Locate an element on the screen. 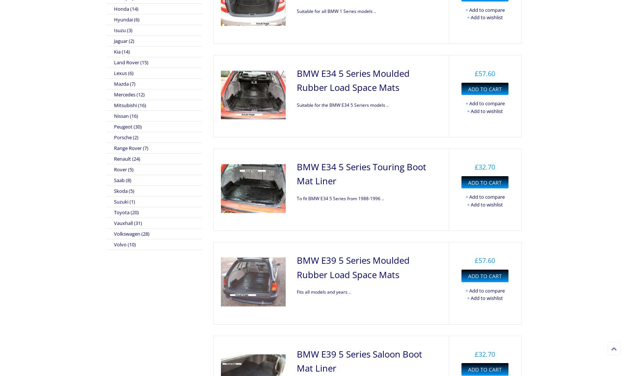  'Saab (8)' is located at coordinates (122, 180).